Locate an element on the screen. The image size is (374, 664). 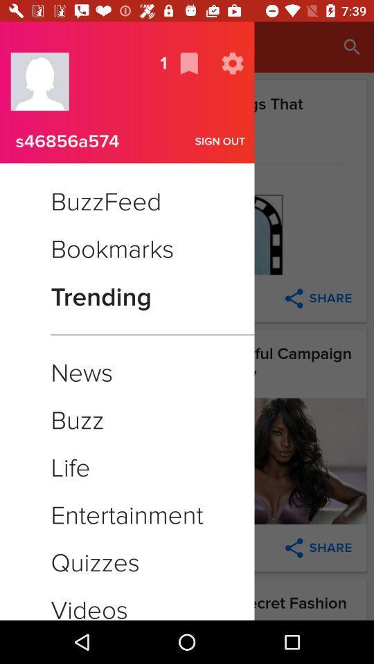
sign out is located at coordinates (220, 141).